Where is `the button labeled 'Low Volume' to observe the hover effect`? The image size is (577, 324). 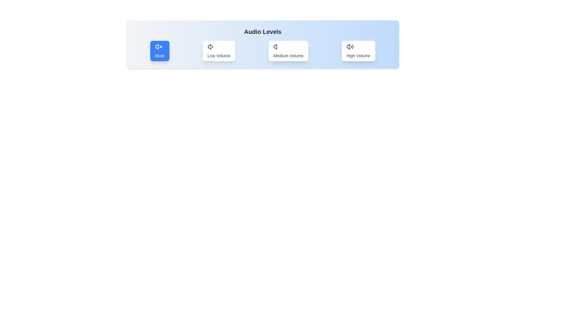 the button labeled 'Low Volume' to observe the hover effect is located at coordinates (219, 50).